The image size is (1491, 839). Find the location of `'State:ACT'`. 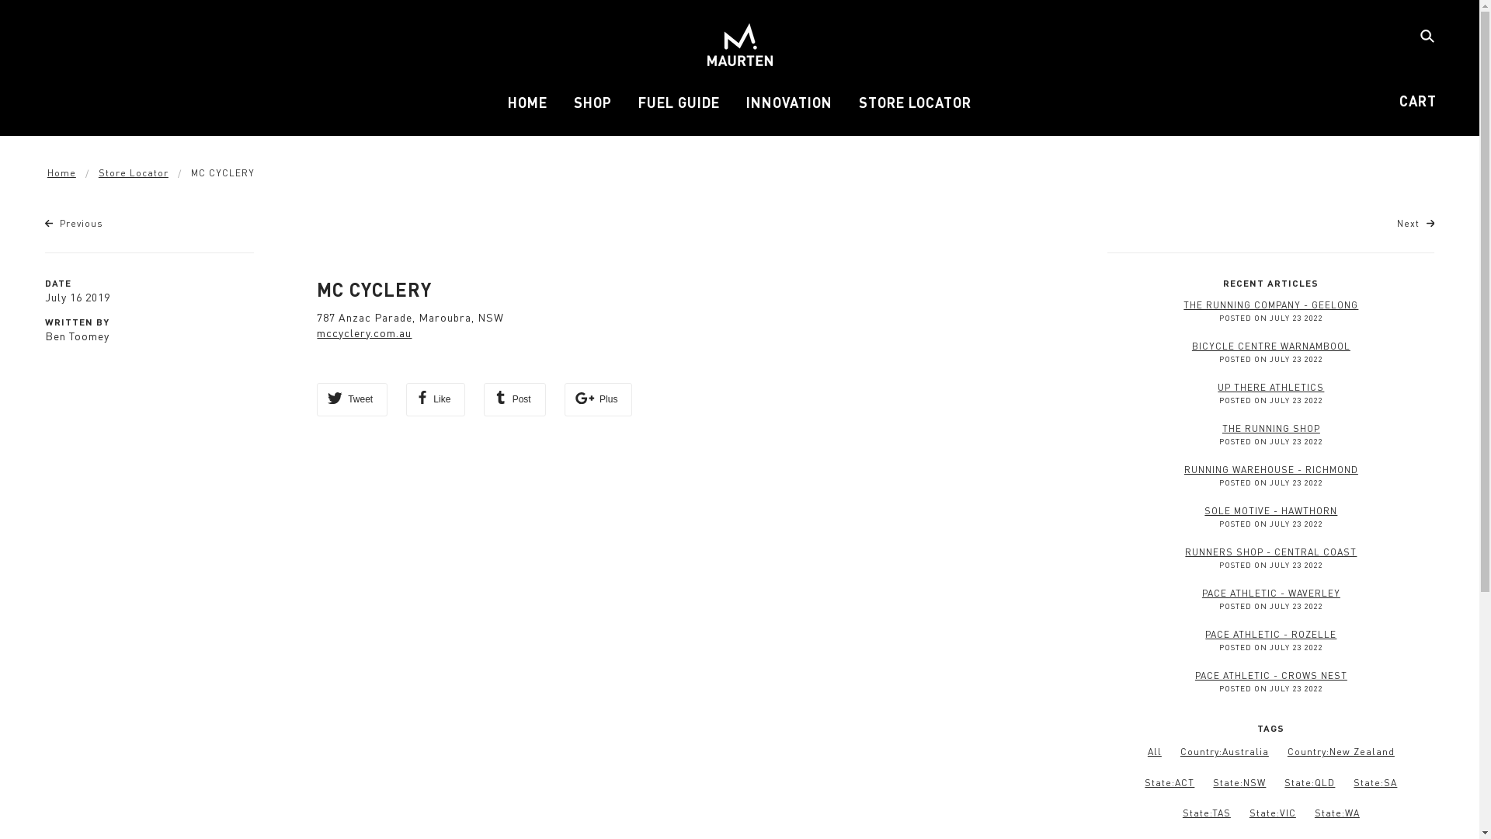

'State:ACT' is located at coordinates (1144, 782).